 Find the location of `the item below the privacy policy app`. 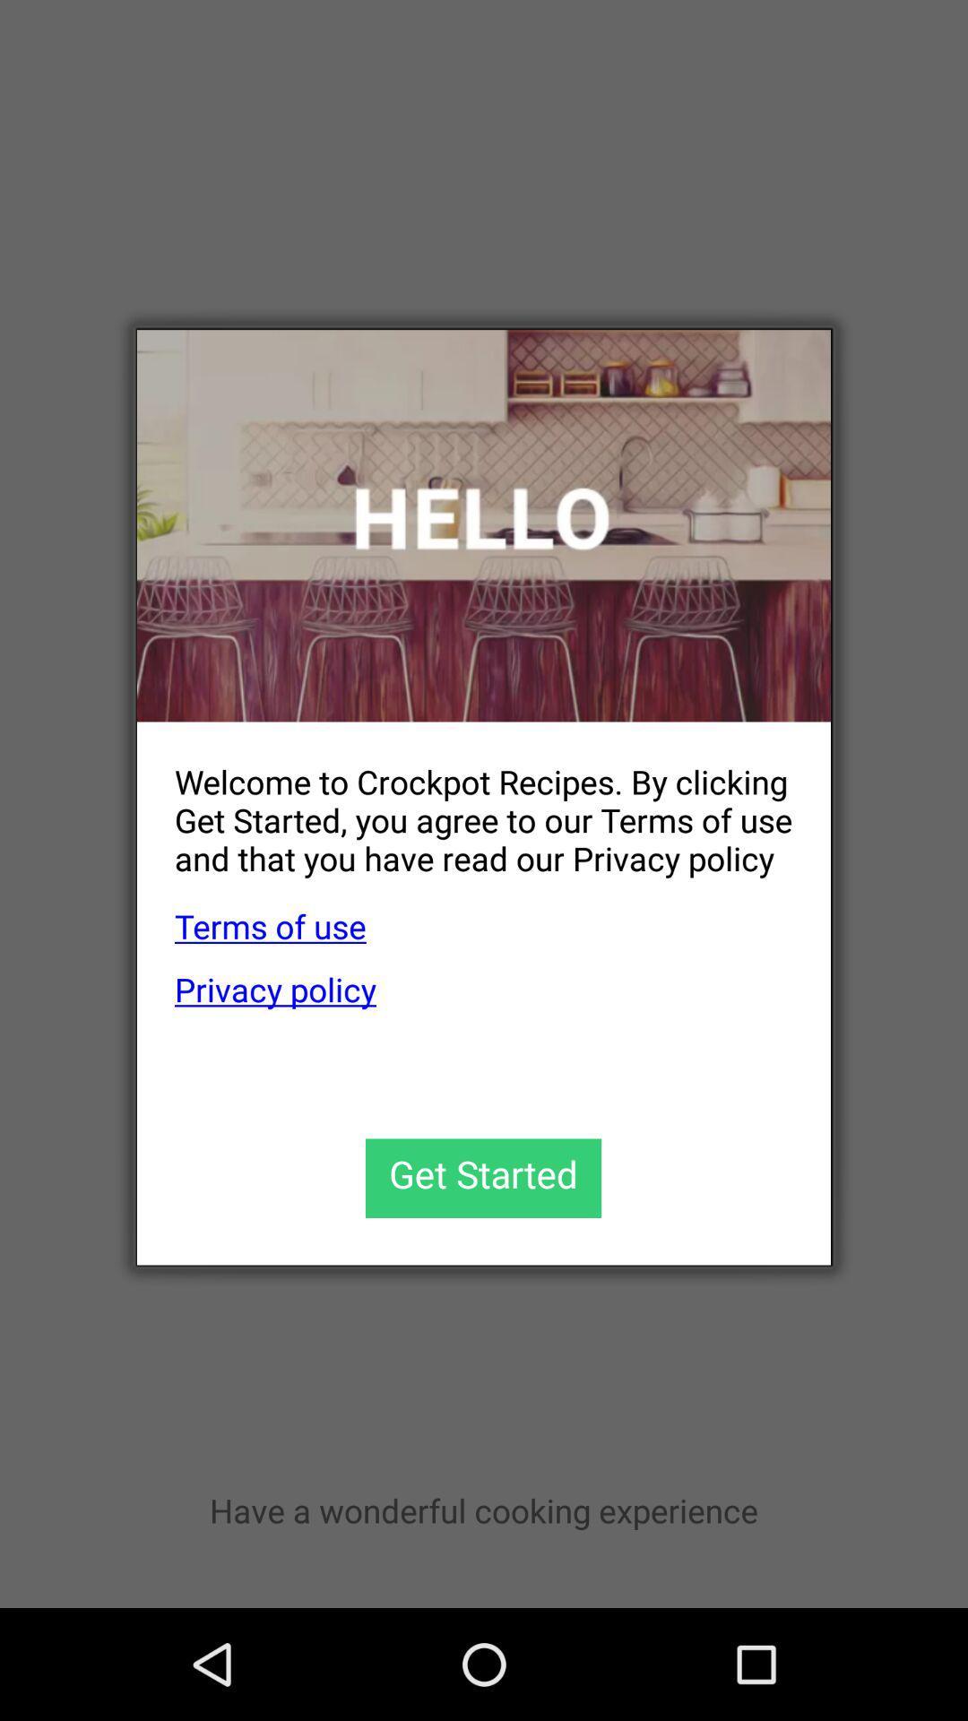

the item below the privacy policy app is located at coordinates (482, 1178).